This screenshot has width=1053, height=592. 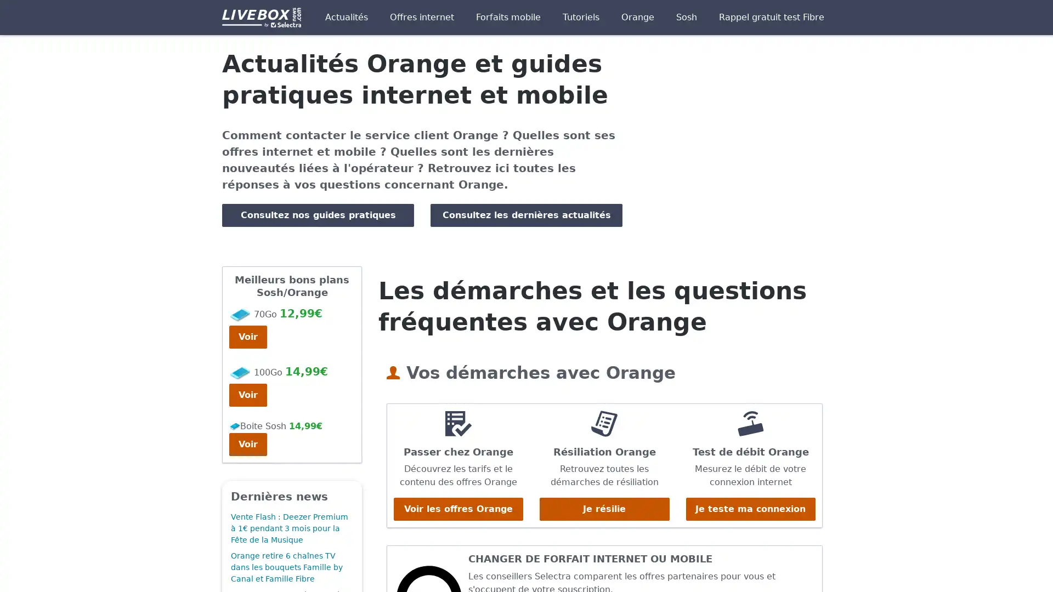 What do you see at coordinates (526, 215) in the screenshot?
I see `Consultez les dernieres actualites` at bounding box center [526, 215].